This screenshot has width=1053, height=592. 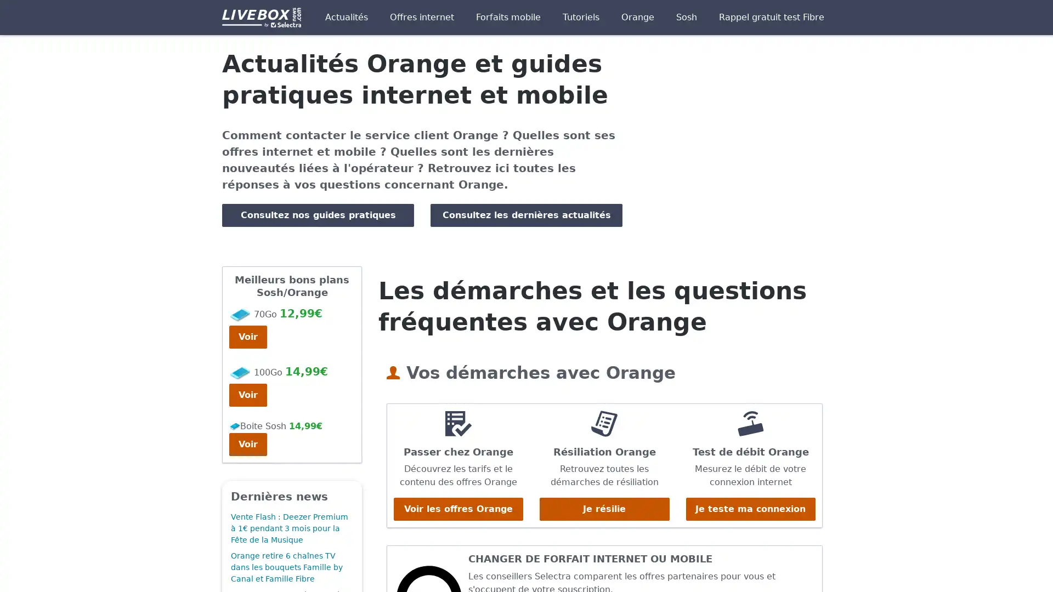 What do you see at coordinates (526, 215) in the screenshot?
I see `Consultez les dernieres actualites` at bounding box center [526, 215].